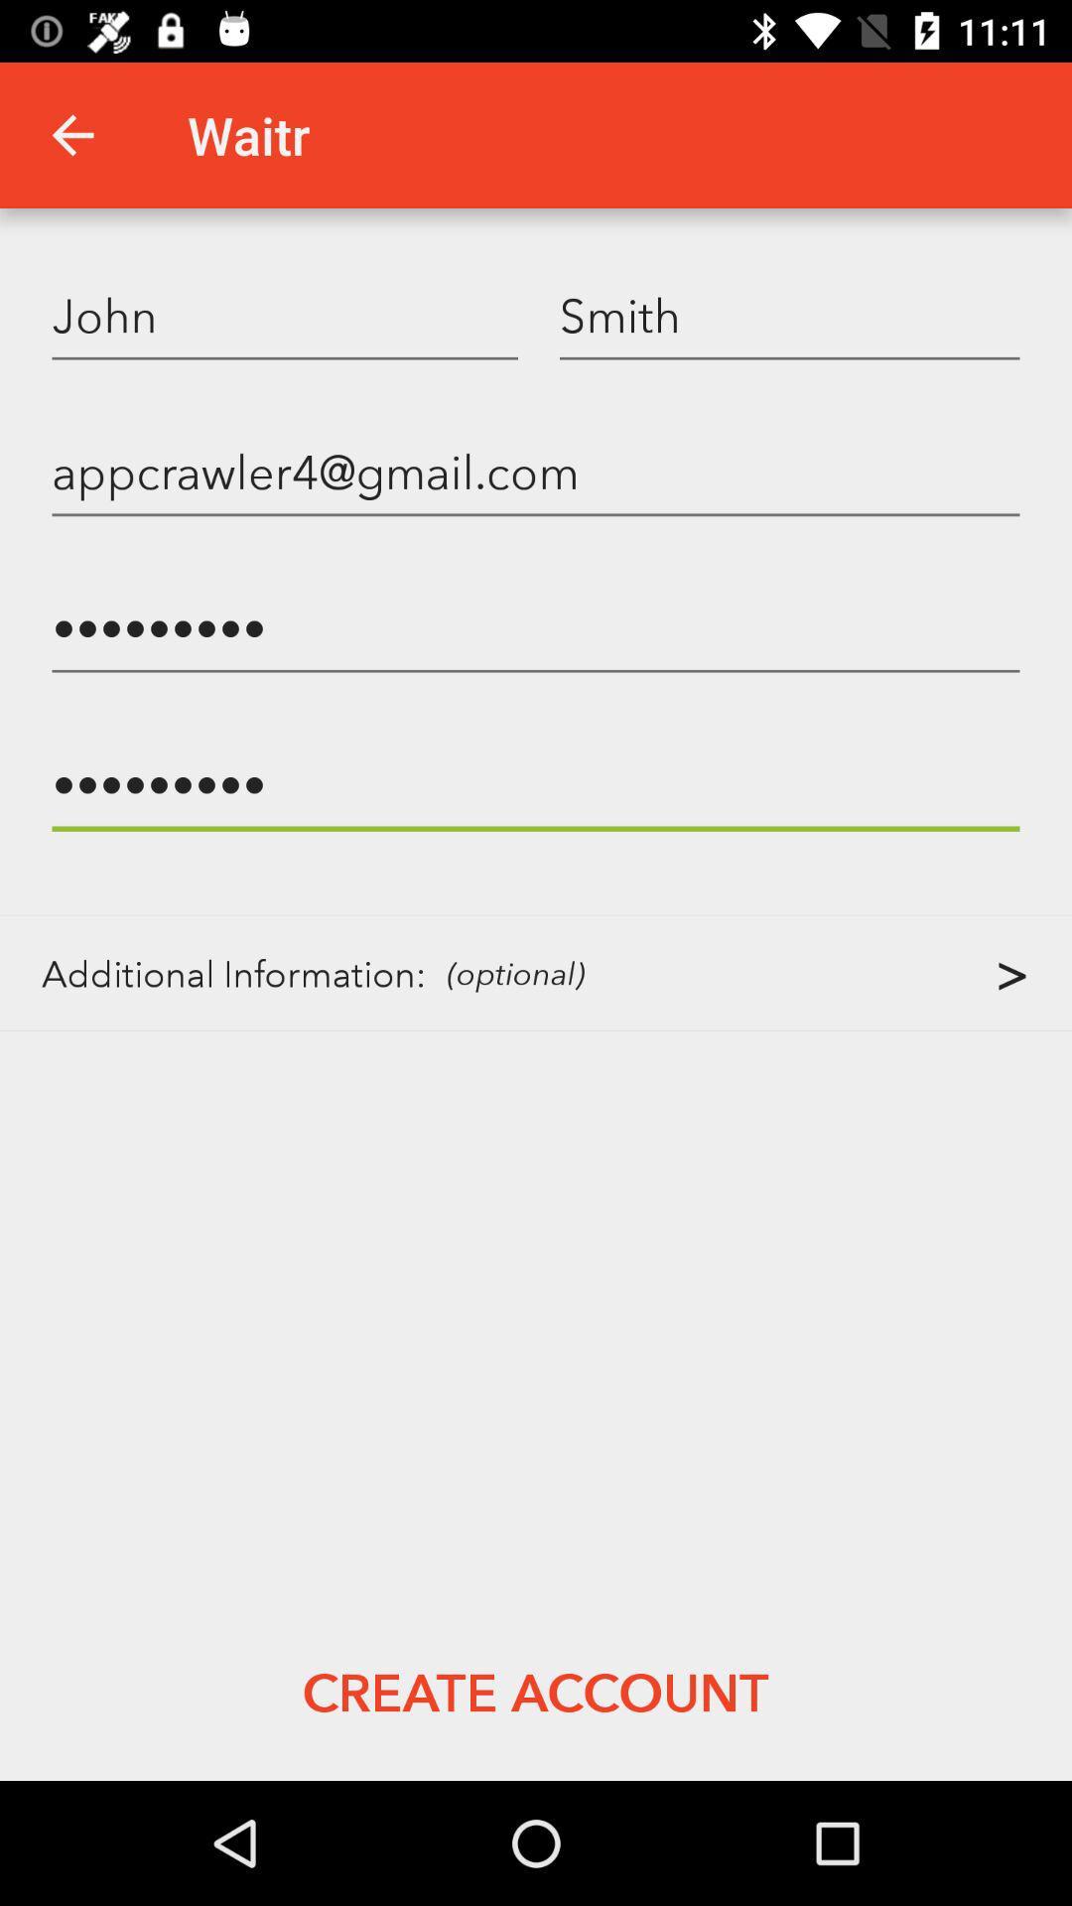  I want to click on create account item, so click(534, 1691).